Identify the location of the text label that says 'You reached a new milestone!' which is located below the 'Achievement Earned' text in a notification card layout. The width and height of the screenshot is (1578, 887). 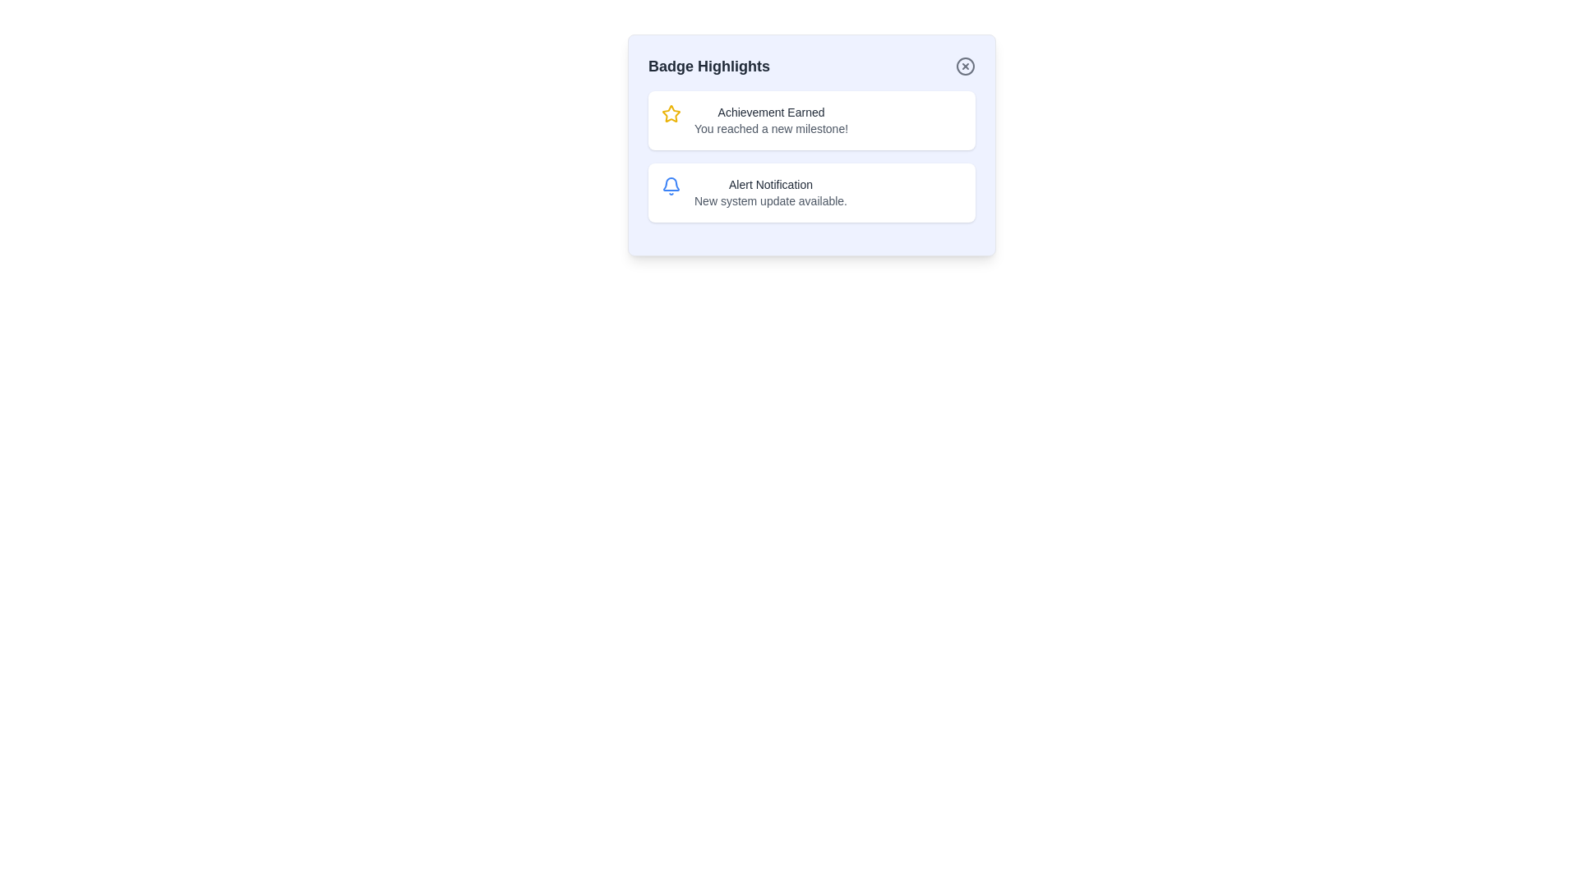
(770, 128).